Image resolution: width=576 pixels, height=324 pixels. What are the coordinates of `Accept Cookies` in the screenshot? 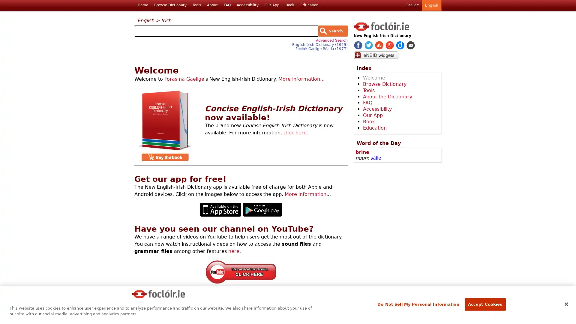 It's located at (485, 304).